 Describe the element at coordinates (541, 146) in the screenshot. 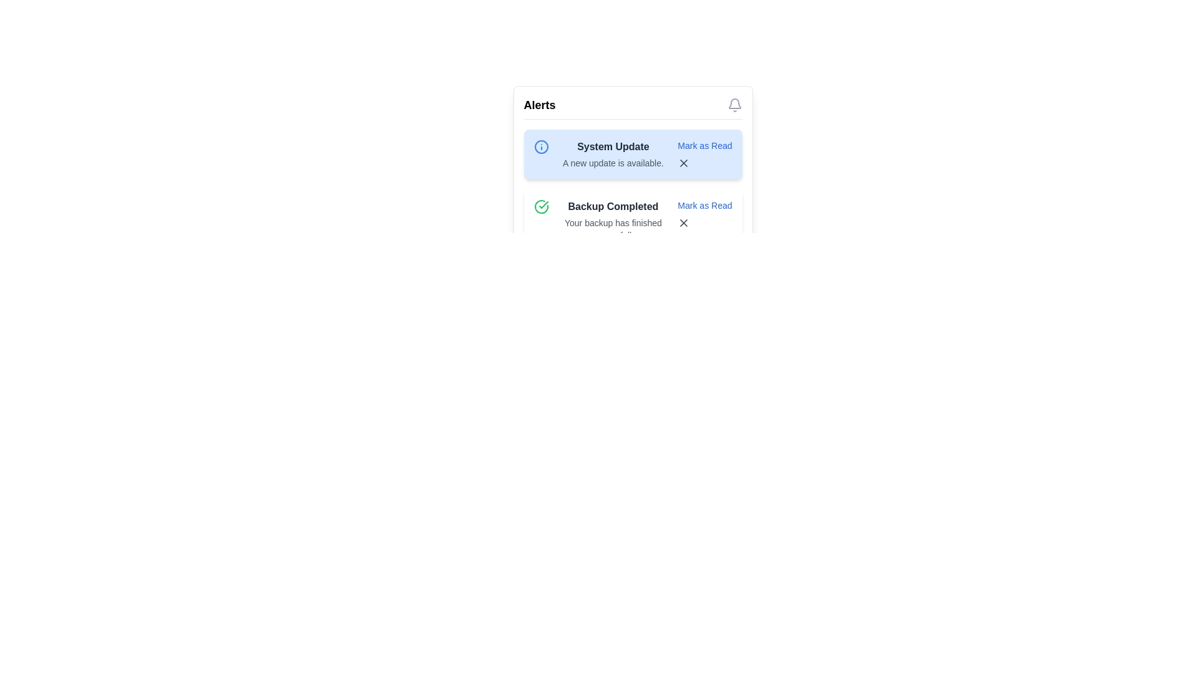

I see `the notification icon indicating an informational update in the 'System Update' section of the 'Alerts' area` at that location.